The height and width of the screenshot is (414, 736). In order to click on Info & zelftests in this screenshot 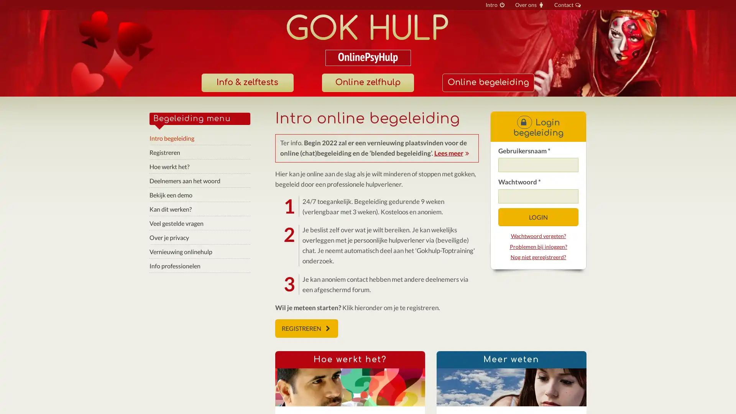, I will do `click(247, 82)`.